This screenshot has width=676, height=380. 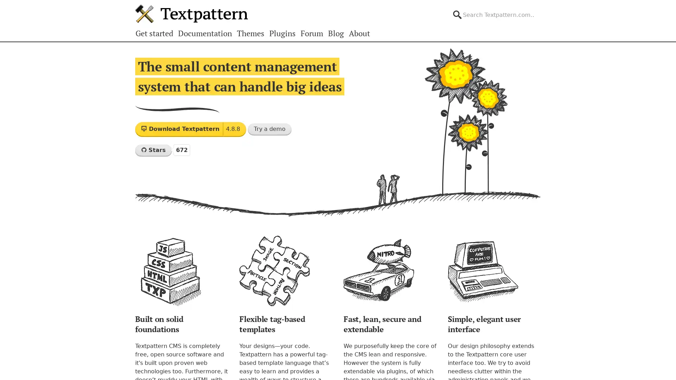 What do you see at coordinates (540, 8) in the screenshot?
I see `Submit Search` at bounding box center [540, 8].